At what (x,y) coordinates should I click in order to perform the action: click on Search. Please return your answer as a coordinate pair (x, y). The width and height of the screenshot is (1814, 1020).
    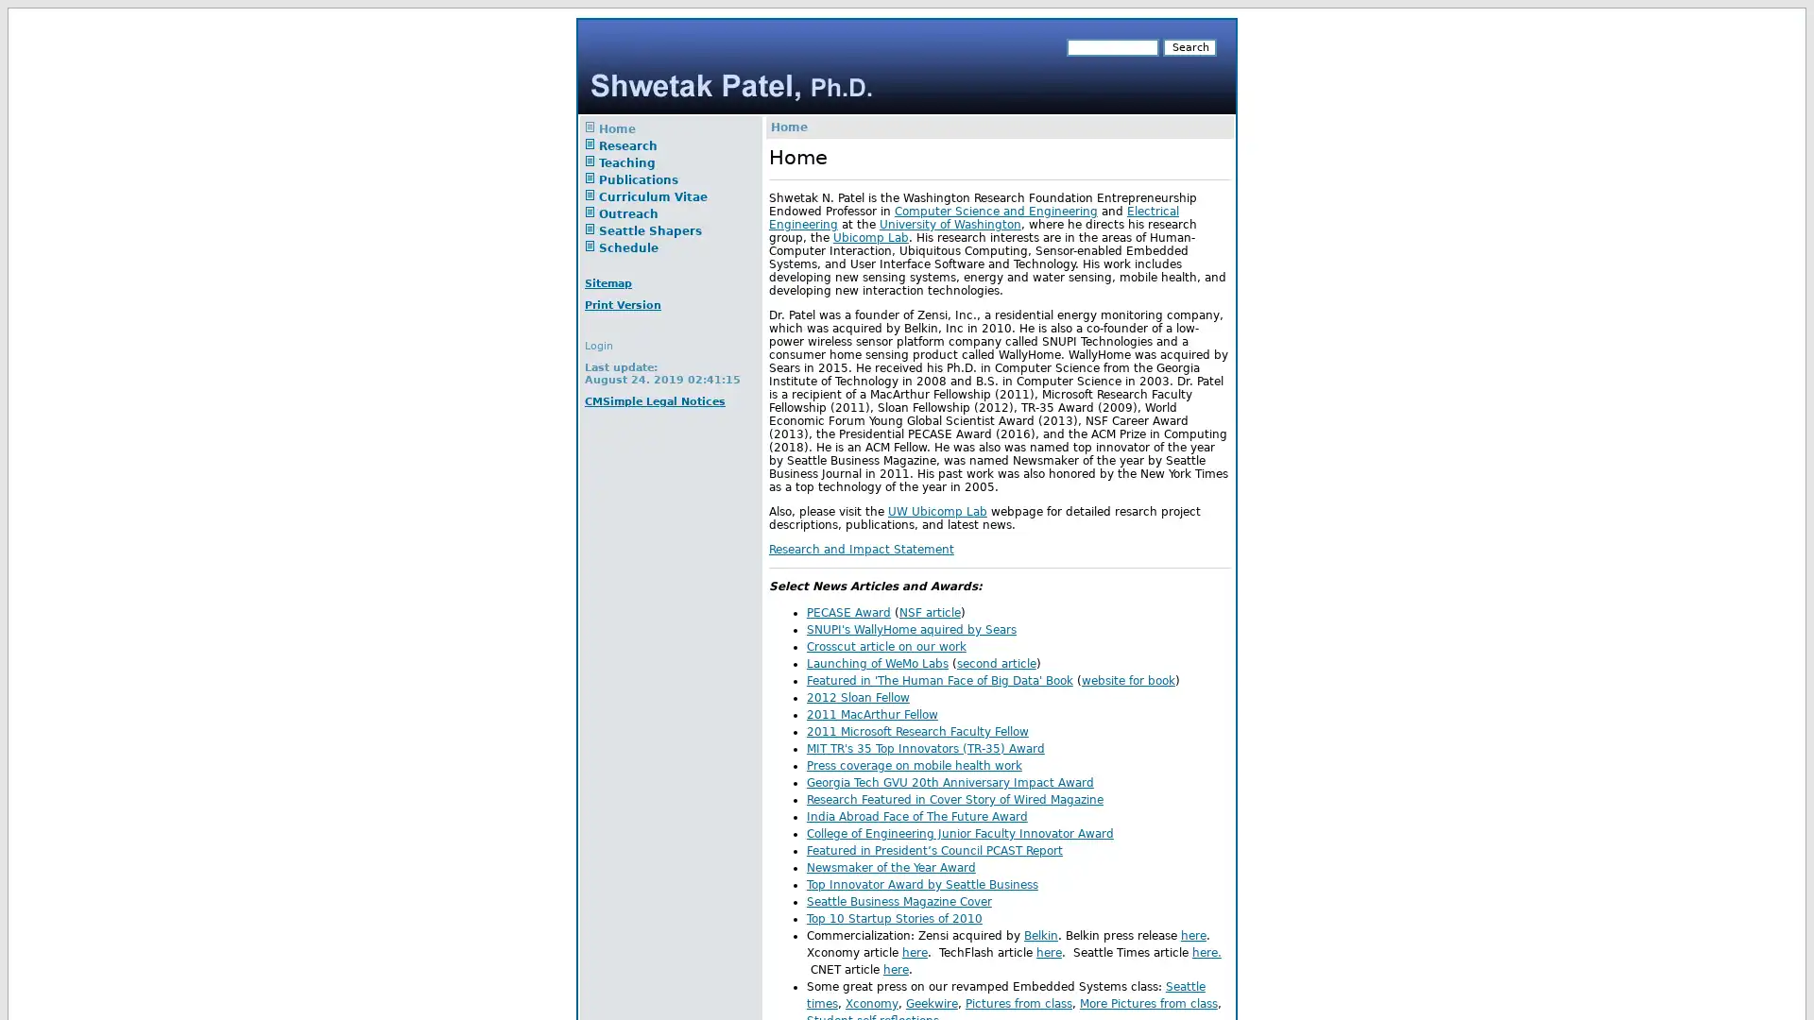
    Looking at the image, I should click on (1189, 46).